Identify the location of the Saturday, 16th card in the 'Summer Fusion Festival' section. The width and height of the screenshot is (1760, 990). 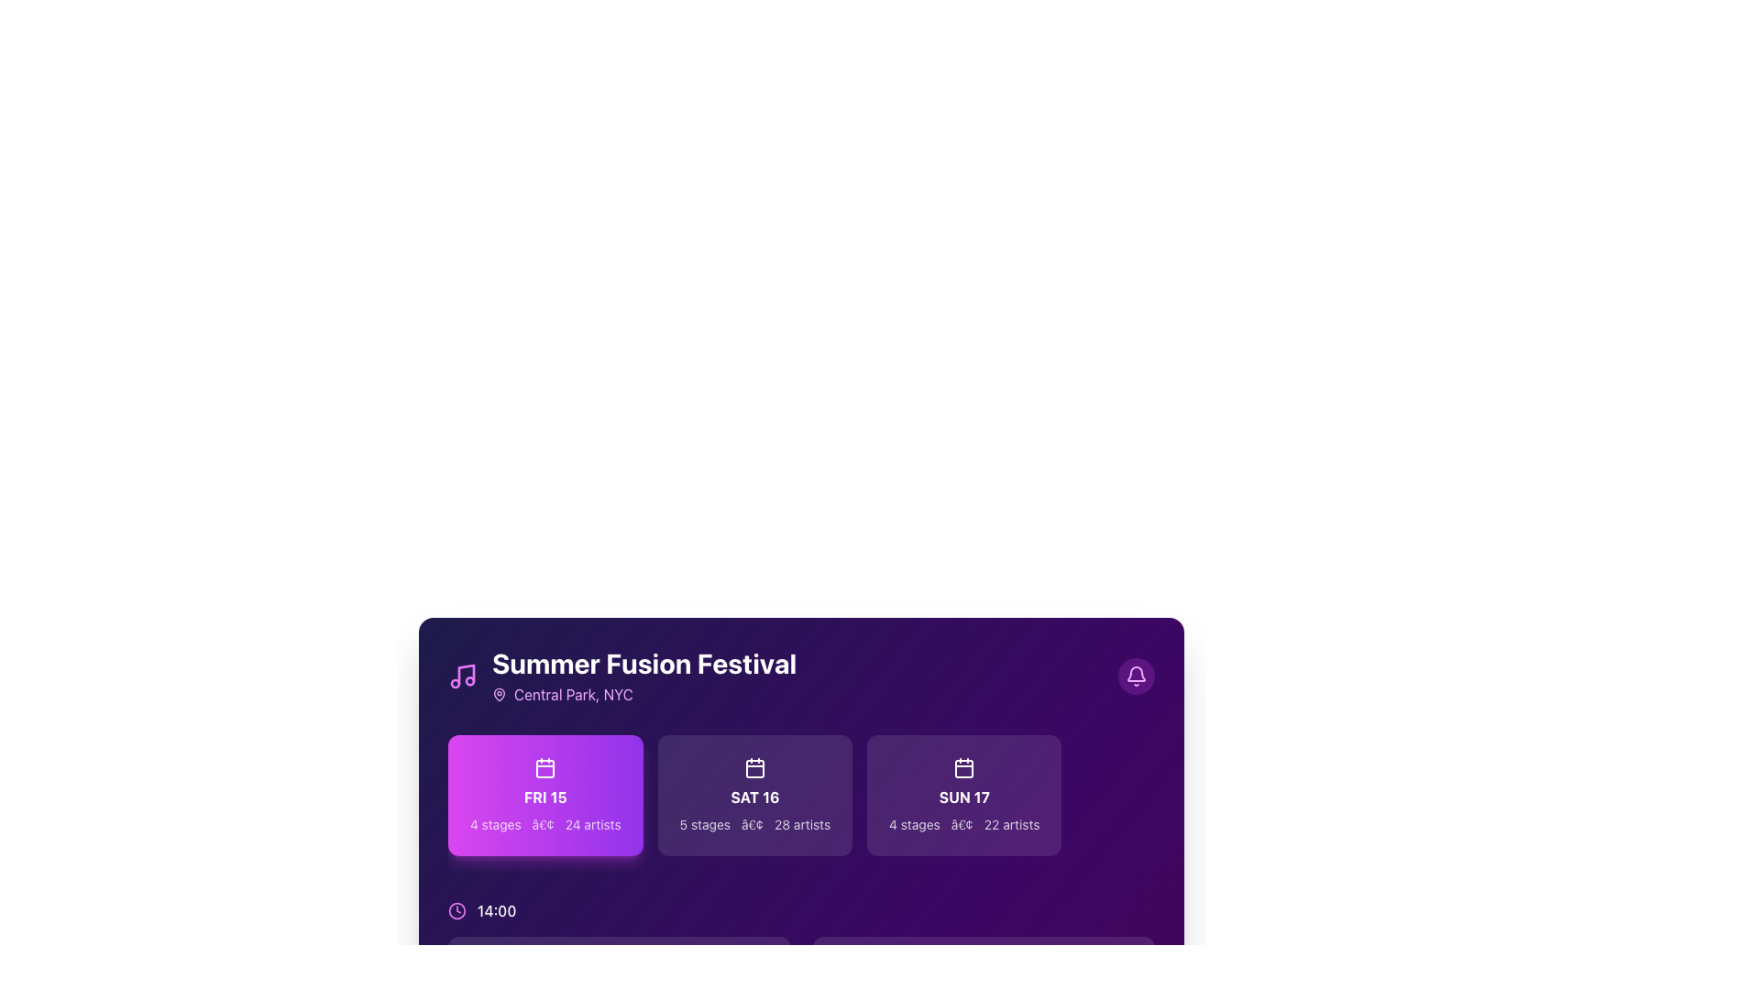
(754, 794).